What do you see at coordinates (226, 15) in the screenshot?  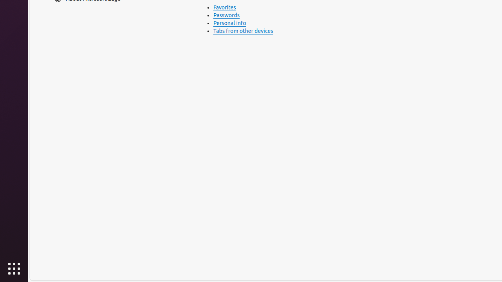 I see `'Passwords'` at bounding box center [226, 15].